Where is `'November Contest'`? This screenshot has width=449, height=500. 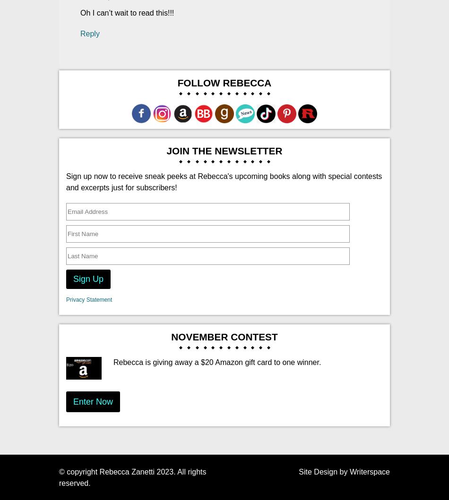
'November Contest' is located at coordinates (224, 337).